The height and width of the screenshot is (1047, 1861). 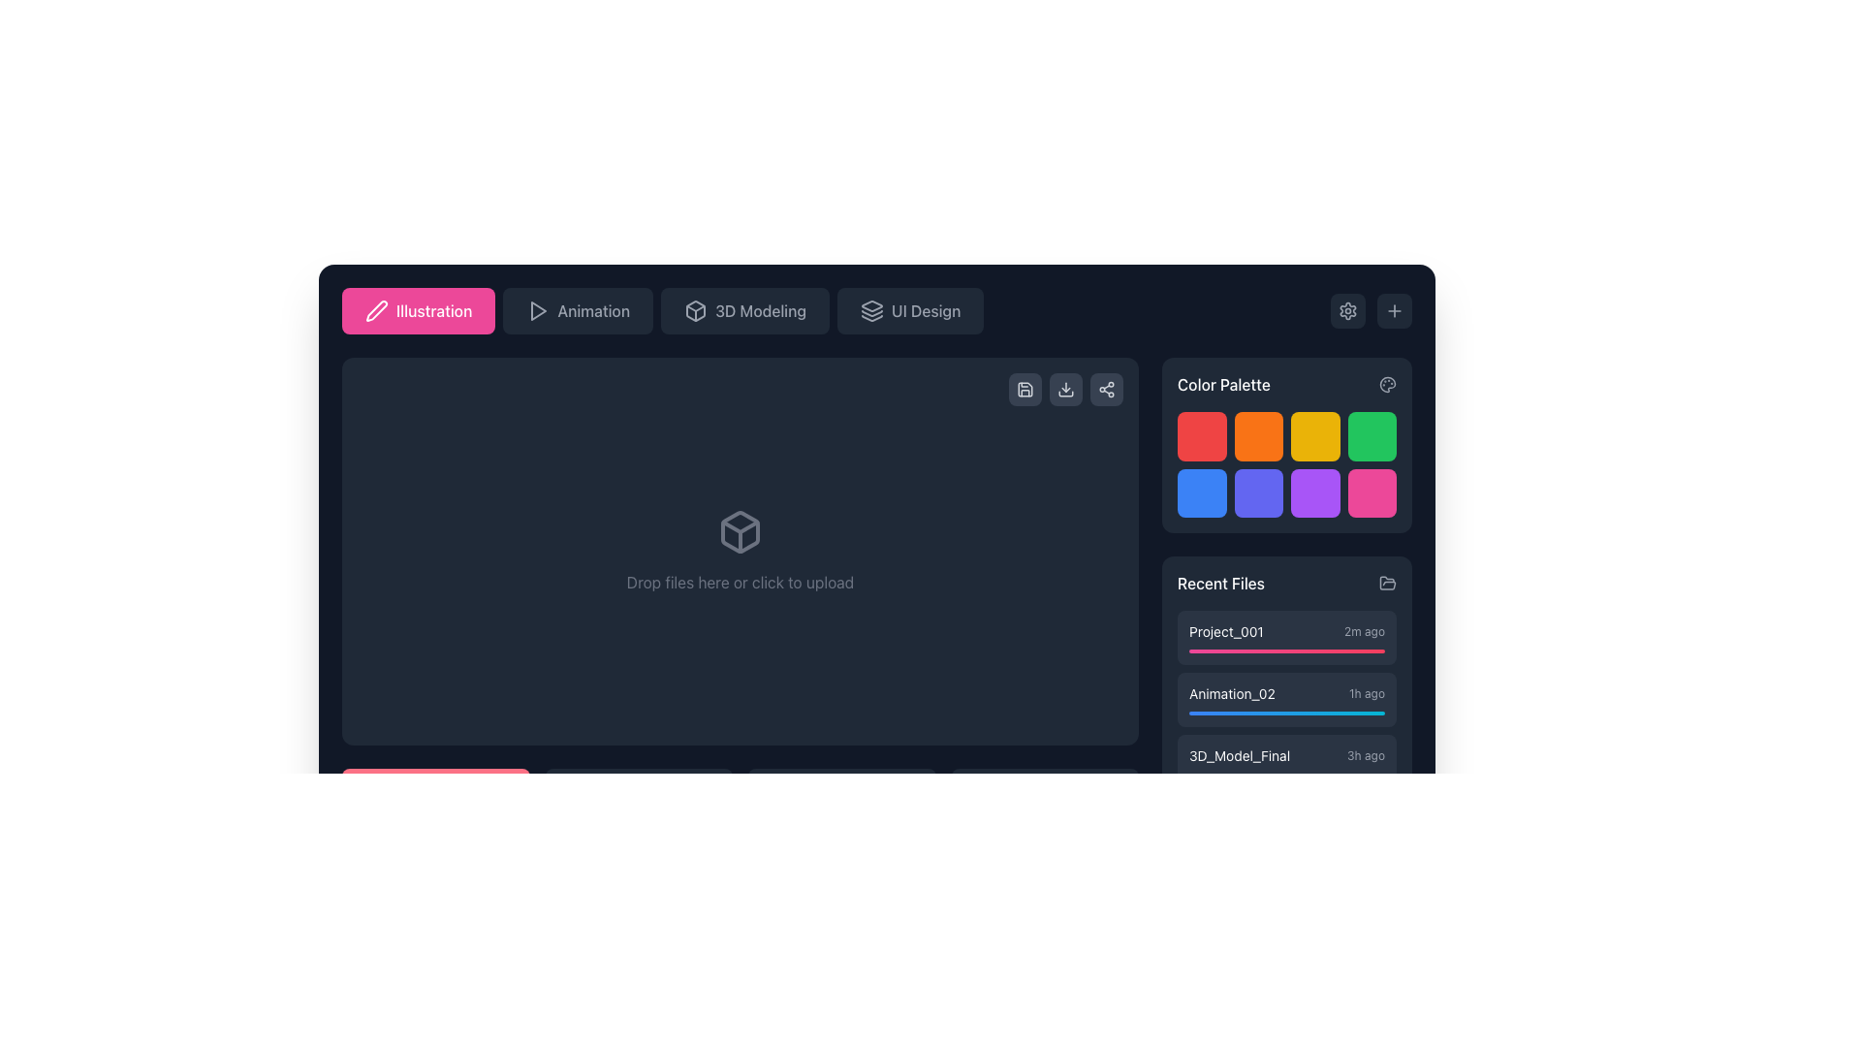 What do you see at coordinates (1315, 436) in the screenshot?
I see `the third element from the left in the top row of the Interactive color selection box` at bounding box center [1315, 436].